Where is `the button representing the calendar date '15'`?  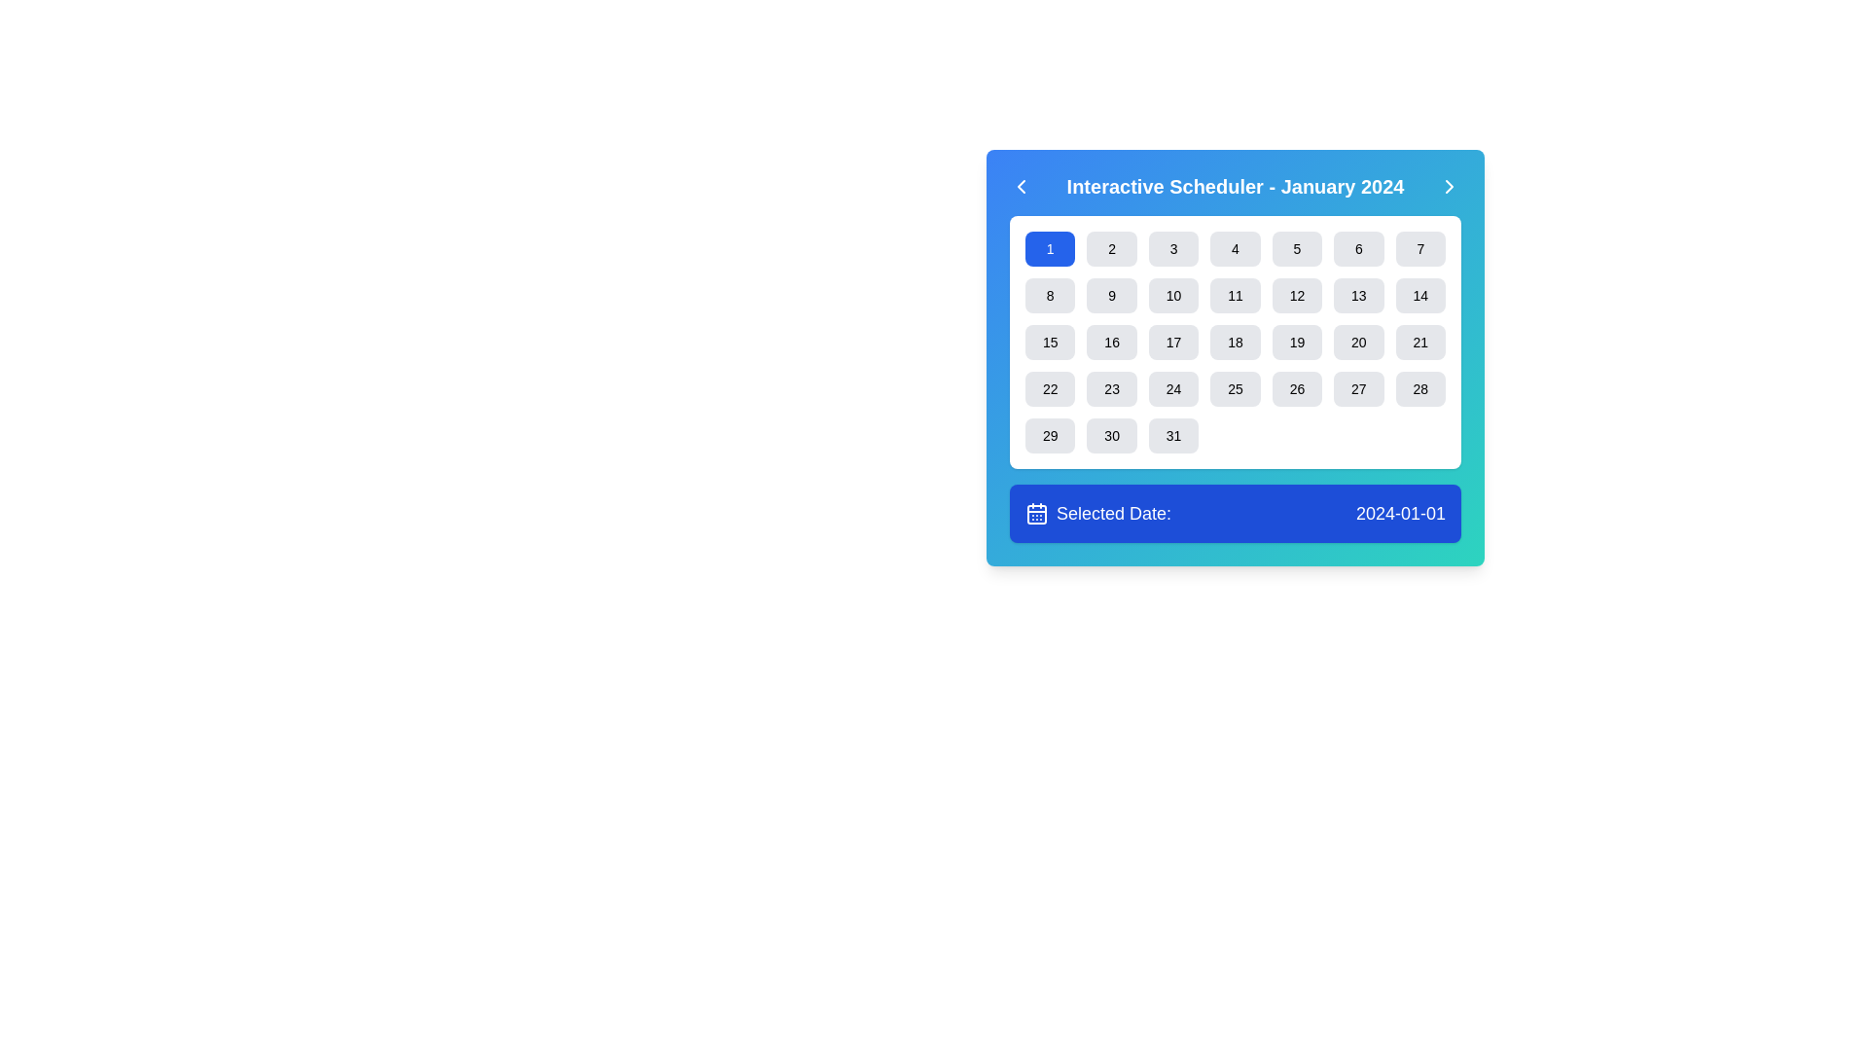
the button representing the calendar date '15' is located at coordinates (1049, 341).